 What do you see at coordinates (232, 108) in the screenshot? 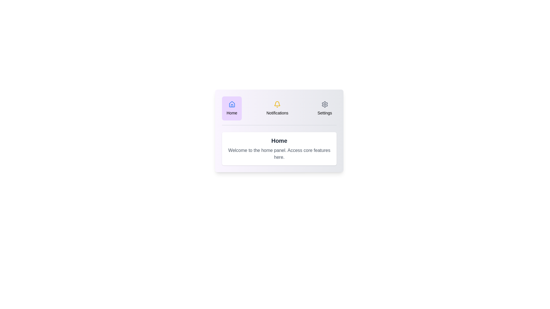
I see `the Home tab to switch views` at bounding box center [232, 108].